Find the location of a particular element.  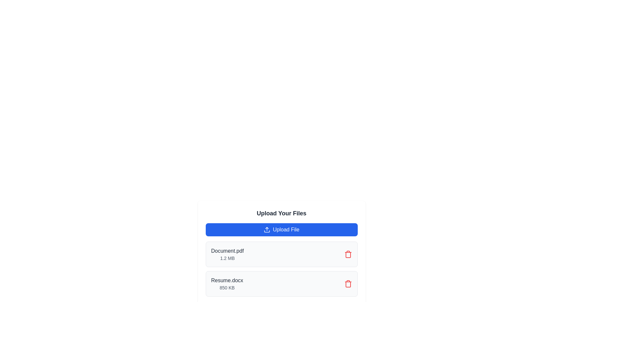

the Text label that serves as the header for the file upload section, located above the 'Upload File' button is located at coordinates (281, 213).